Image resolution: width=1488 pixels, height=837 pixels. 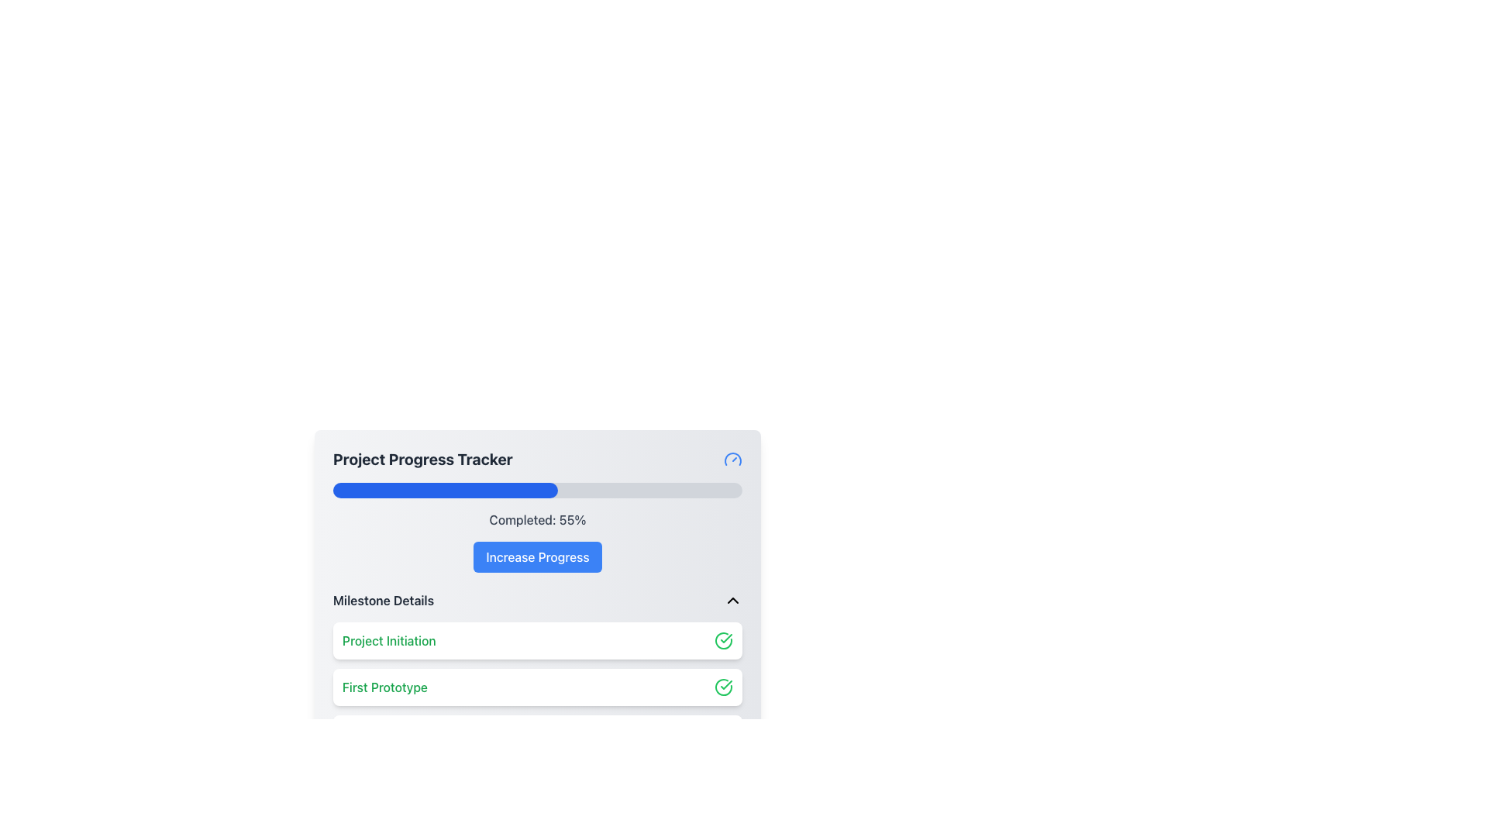 What do you see at coordinates (723, 687) in the screenshot?
I see `the circular vector graphic element that is part of the SVG icon representing progress, located to the right of the 'First Prototype' milestone label in the 'Milestone Details' section` at bounding box center [723, 687].